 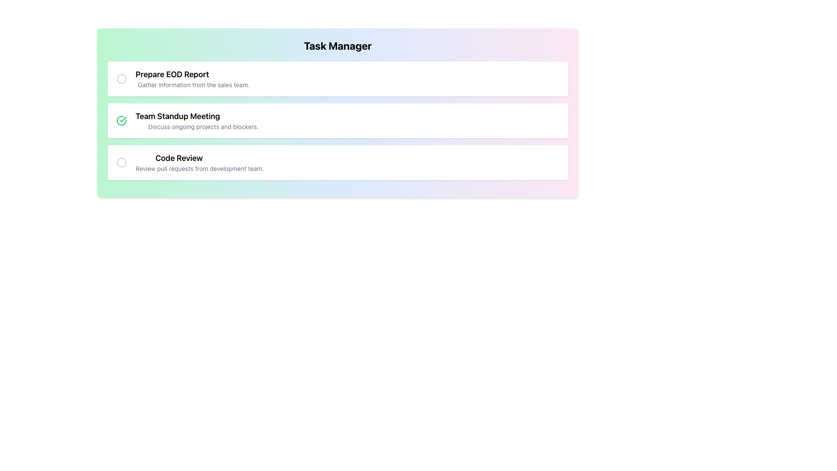 What do you see at coordinates (203, 126) in the screenshot?
I see `the text element displaying 'Discuss ongoing projects and blockers.' which is located below 'Team Standup Meeting' and 'Medium Priority' in a task management interface` at bounding box center [203, 126].